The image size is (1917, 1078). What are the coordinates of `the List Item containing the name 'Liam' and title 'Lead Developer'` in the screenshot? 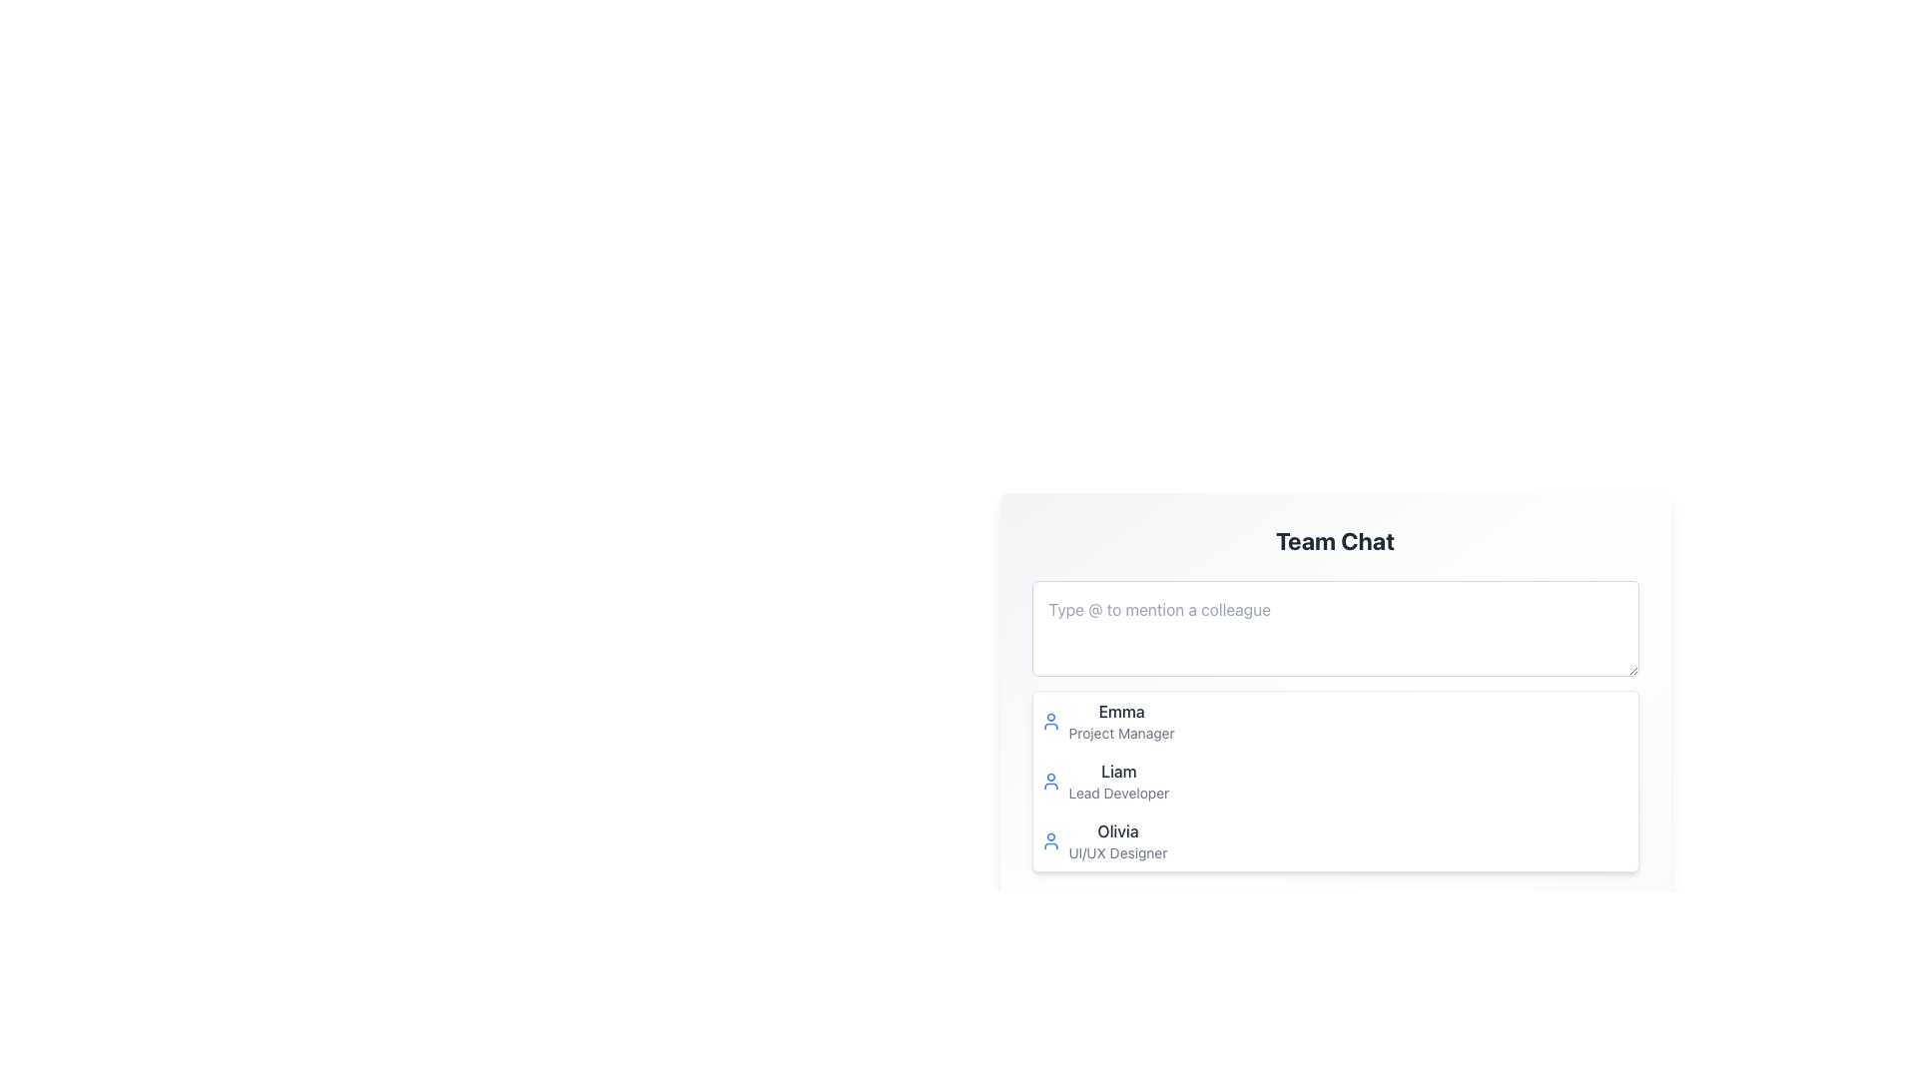 It's located at (1335, 781).